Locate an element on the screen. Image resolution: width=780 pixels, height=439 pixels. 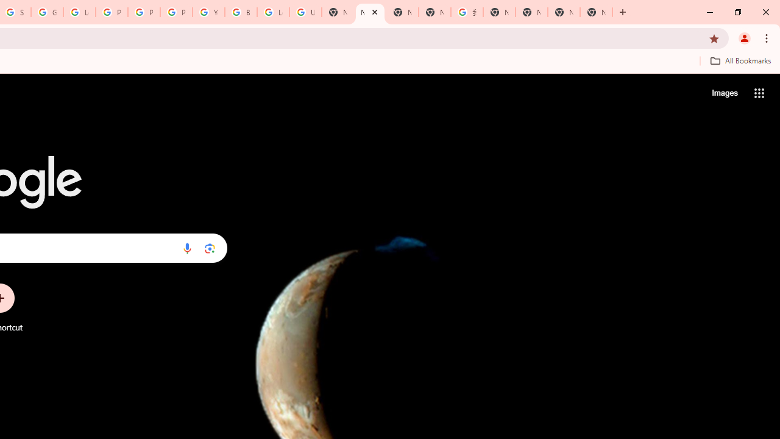
'Chrome' is located at coordinates (767, 37).